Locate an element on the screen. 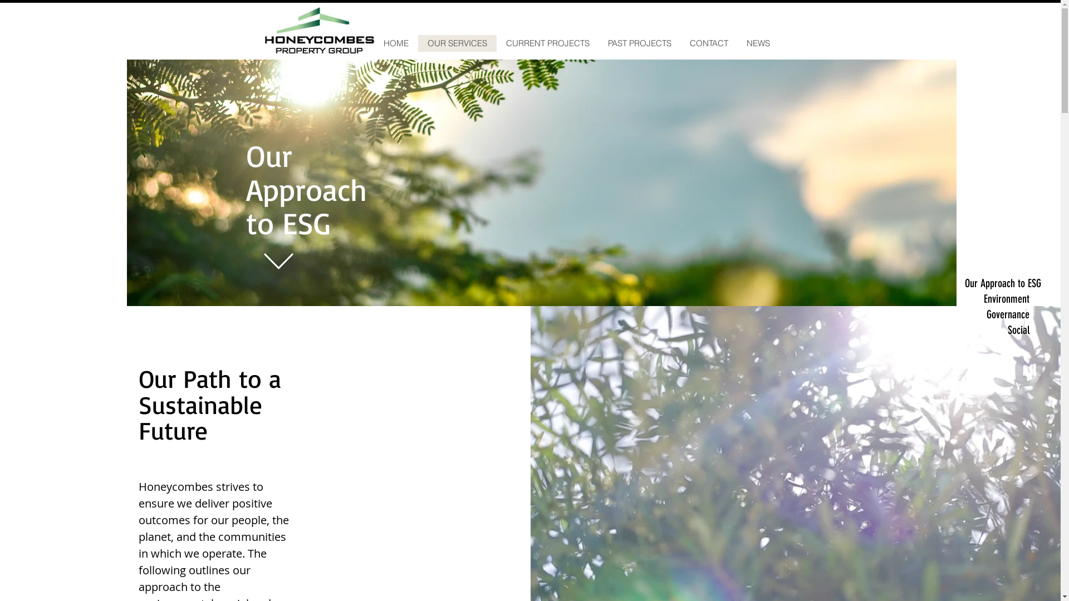 The height and width of the screenshot is (601, 1069). 'Governance' is located at coordinates (997, 314).